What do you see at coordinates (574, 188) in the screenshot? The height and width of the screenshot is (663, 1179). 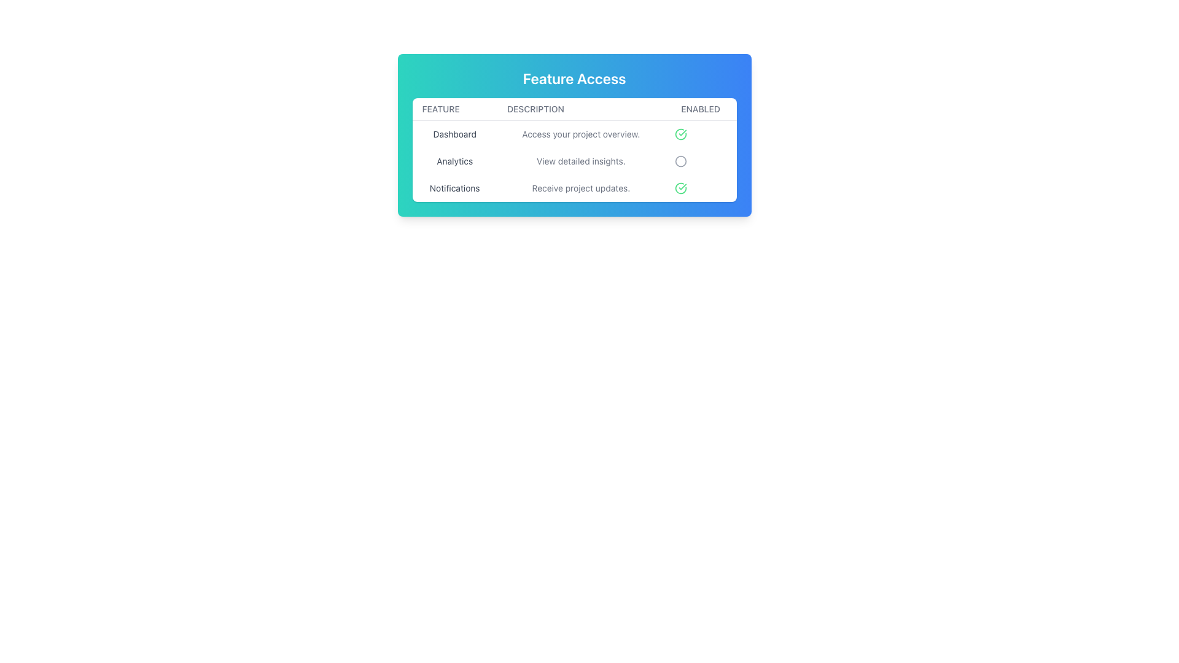 I see `the 'Notifications' access status row, which is the third row in the feature access table, located below the 'Analytics' row` at bounding box center [574, 188].